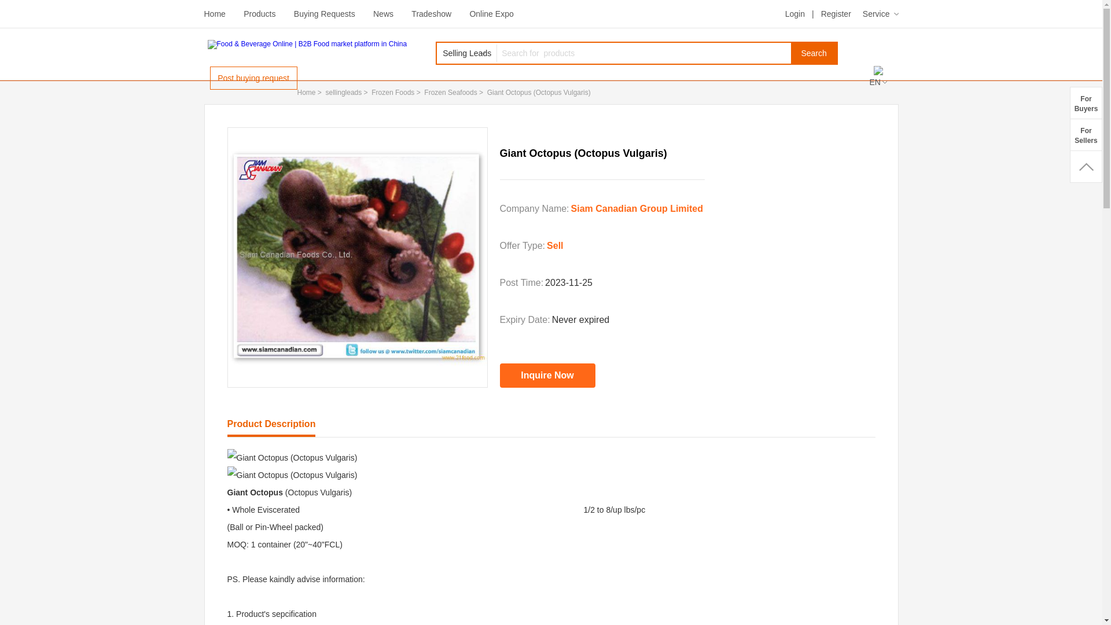 Image resolution: width=1111 pixels, height=625 pixels. Describe the element at coordinates (547, 375) in the screenshot. I see `'Inquire Now'` at that location.